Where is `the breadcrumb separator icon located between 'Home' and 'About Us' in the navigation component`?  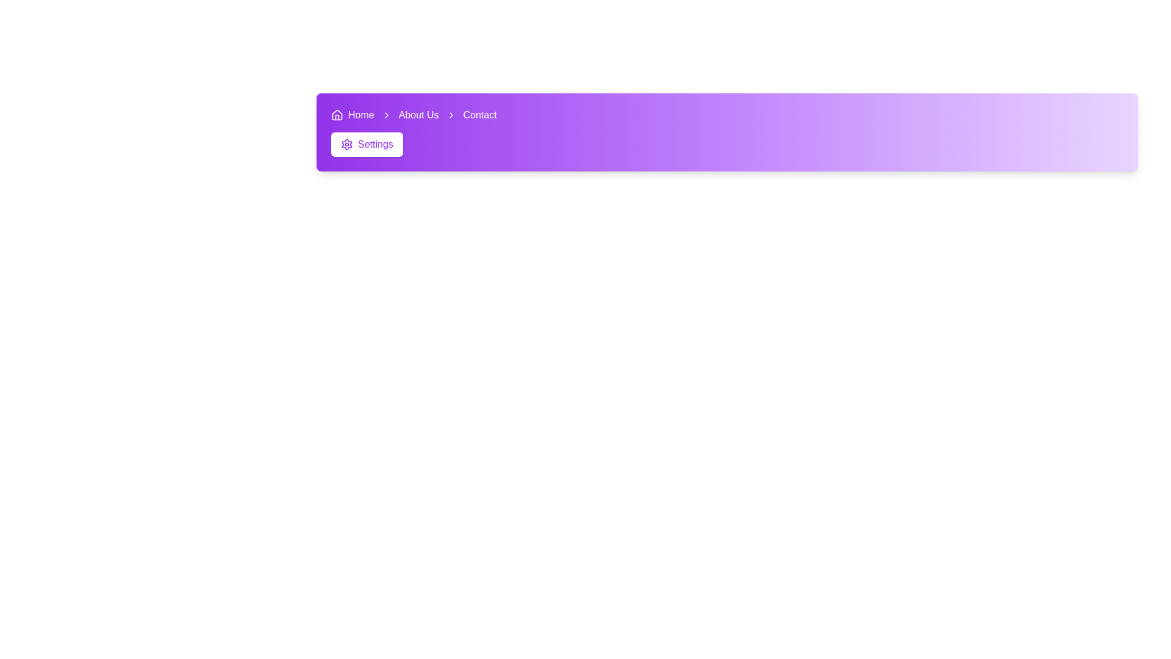
the breadcrumb separator icon located between 'Home' and 'About Us' in the navigation component is located at coordinates (385, 115).